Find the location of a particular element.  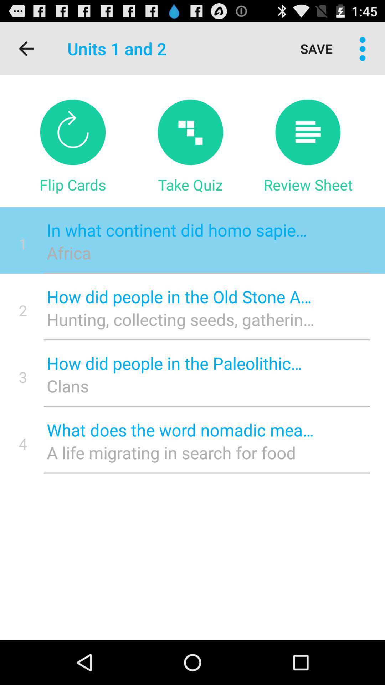

take quizz is located at coordinates (190, 132).